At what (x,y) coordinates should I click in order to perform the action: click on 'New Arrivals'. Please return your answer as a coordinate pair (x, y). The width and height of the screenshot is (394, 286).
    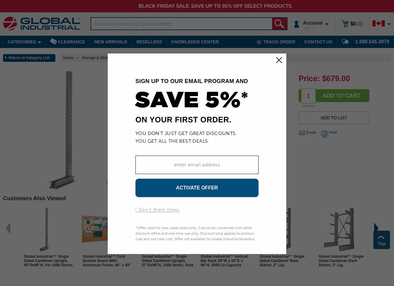
    Looking at the image, I should click on (111, 42).